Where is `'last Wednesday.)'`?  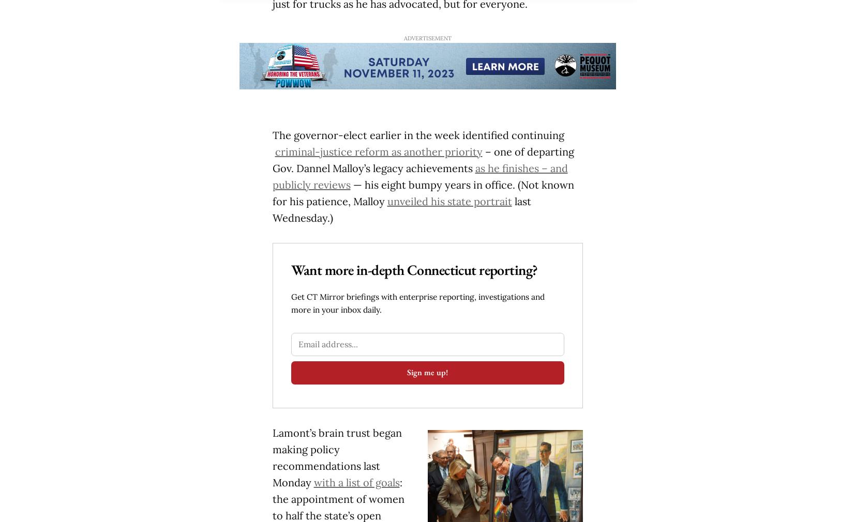 'last Wednesday.)' is located at coordinates (400, 209).